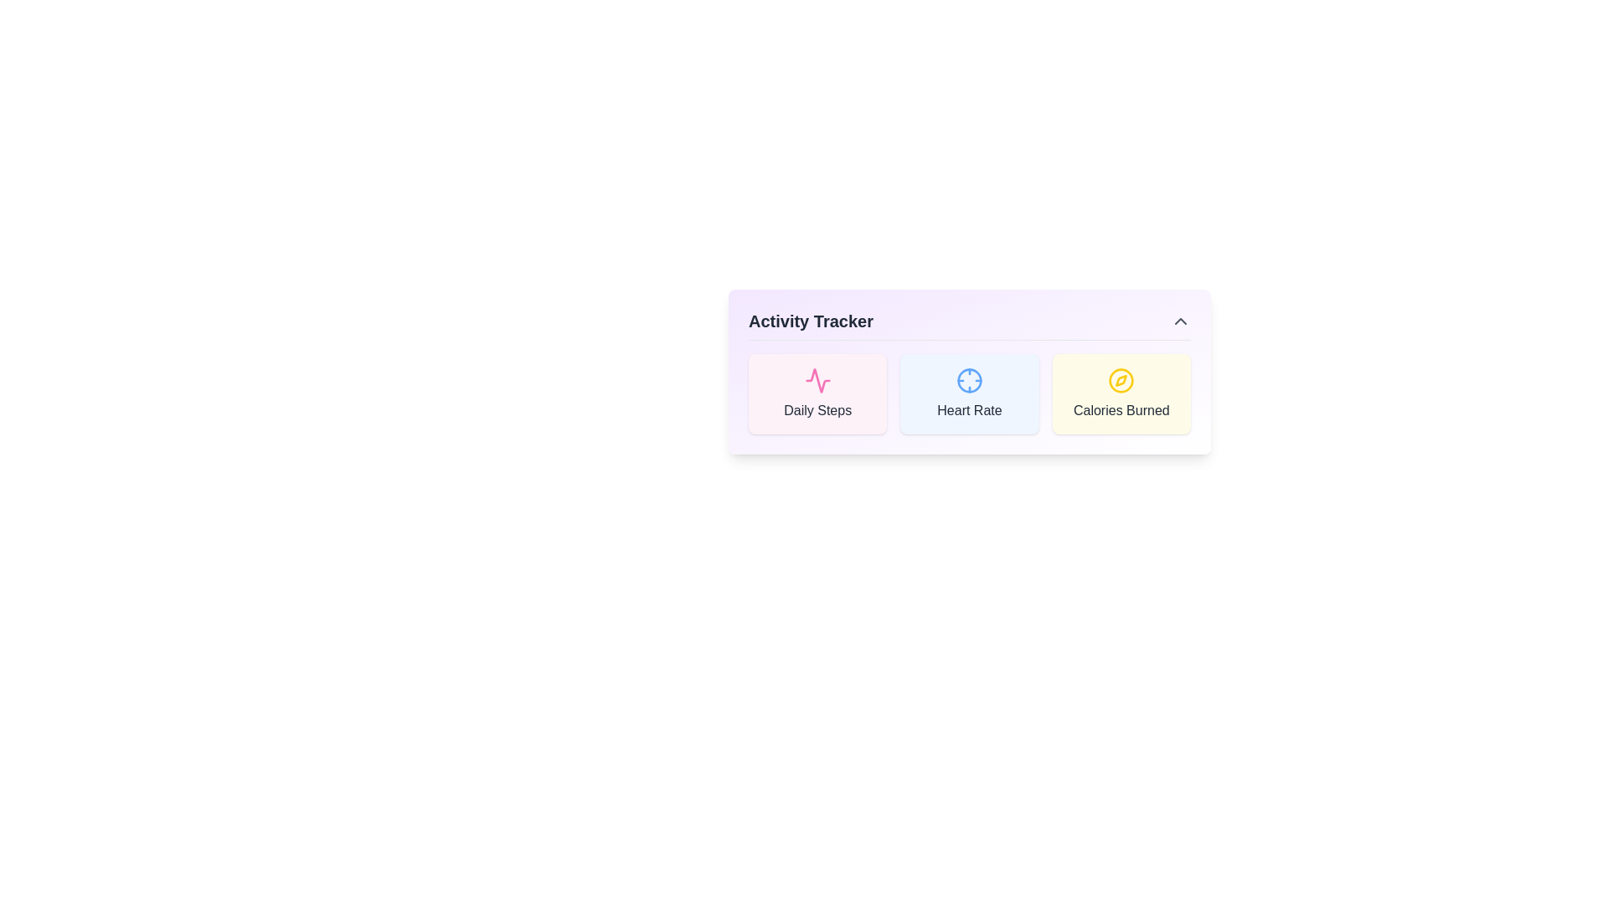 This screenshot has height=904, width=1608. Describe the element at coordinates (1121, 410) in the screenshot. I see `text label titled 'Calories Burned' located in the third yellow-highlighted card of the 'Activity Tracker' section, positioned below the compass icon` at that location.